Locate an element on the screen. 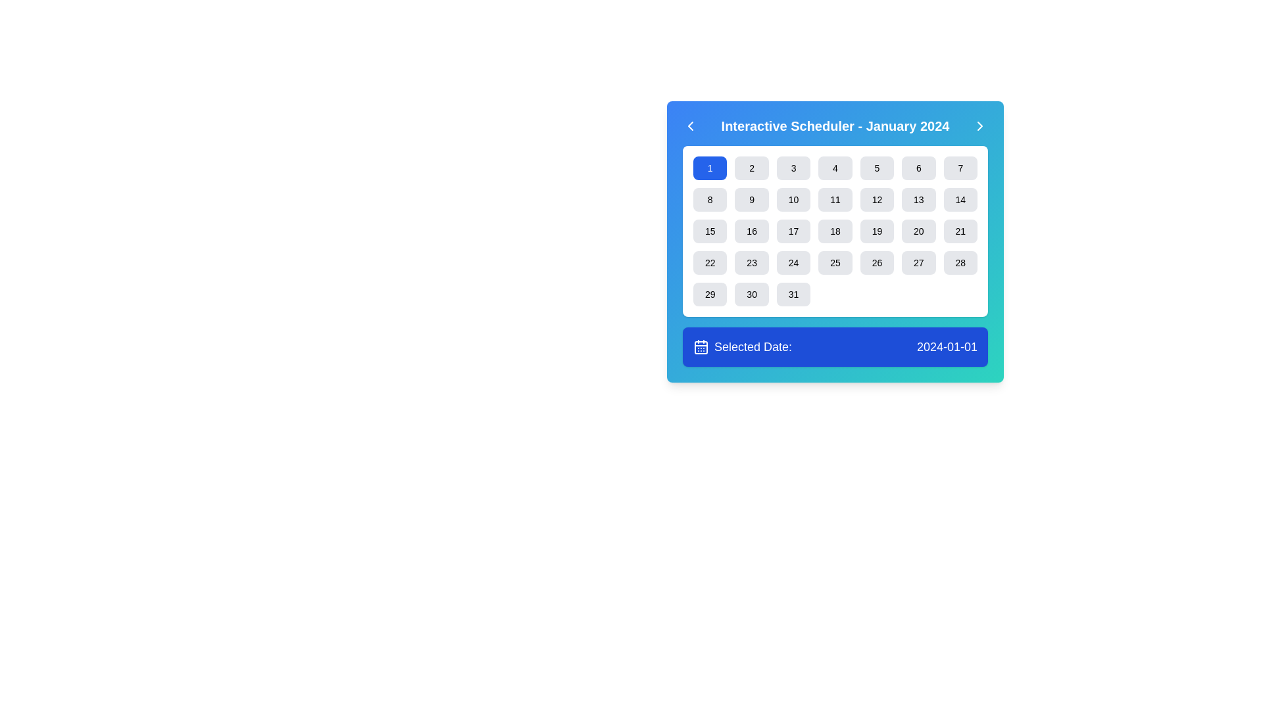  the rectangular button with rounded corners containing the number '5' in black text is located at coordinates (877, 167).